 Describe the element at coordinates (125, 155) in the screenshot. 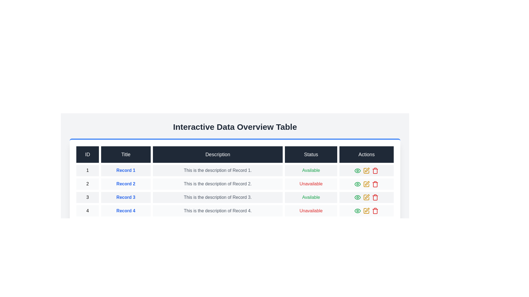

I see `the column header Title to sort the table by that column` at that location.